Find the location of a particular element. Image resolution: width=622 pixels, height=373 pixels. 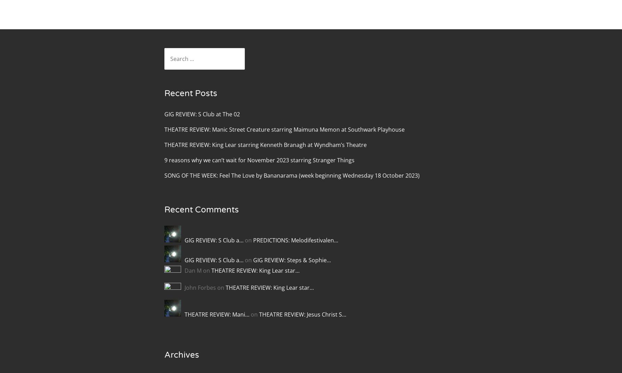

'THEATRE REVIEW: Mani…' is located at coordinates (184, 314).